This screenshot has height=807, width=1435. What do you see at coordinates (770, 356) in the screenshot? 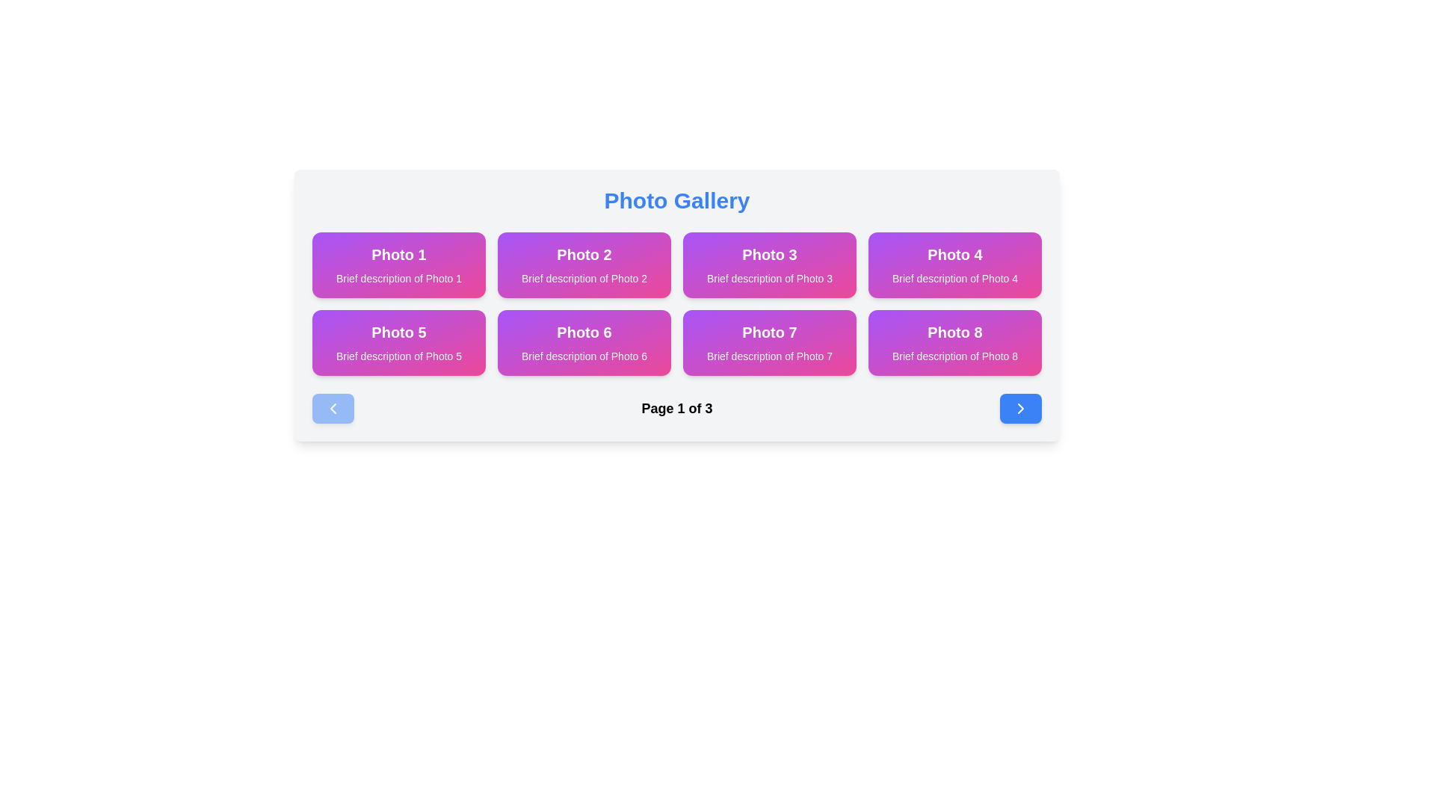
I see `the text label that reads 'Brief description of Photo 7', which is styled in a small font and located below the heading 'Photo 7' within a card component` at bounding box center [770, 356].